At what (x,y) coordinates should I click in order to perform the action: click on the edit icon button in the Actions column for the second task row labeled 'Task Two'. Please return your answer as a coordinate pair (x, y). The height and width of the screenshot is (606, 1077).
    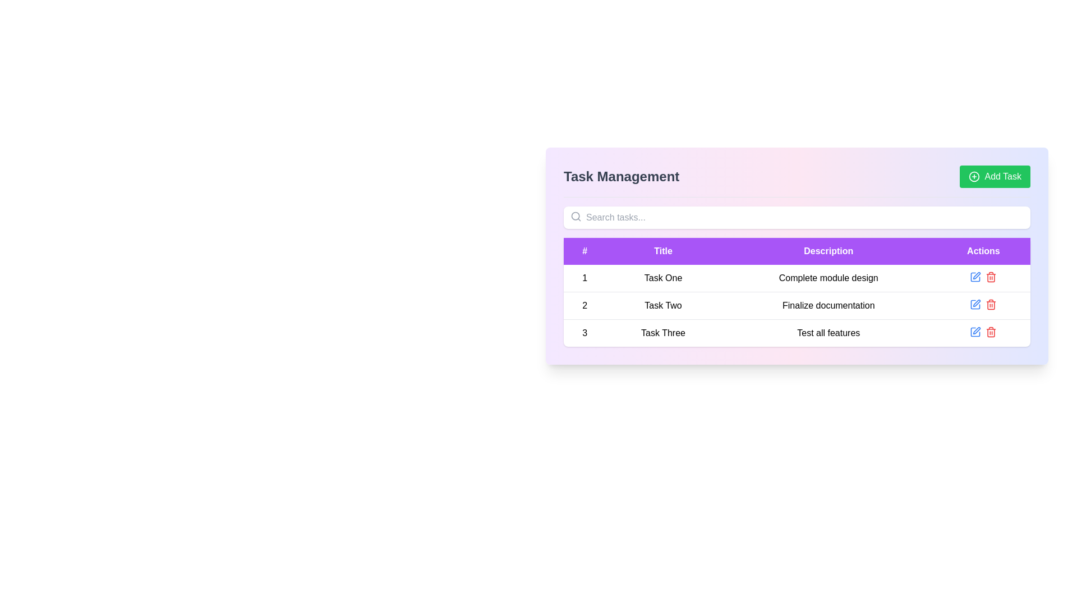
    Looking at the image, I should click on (977, 303).